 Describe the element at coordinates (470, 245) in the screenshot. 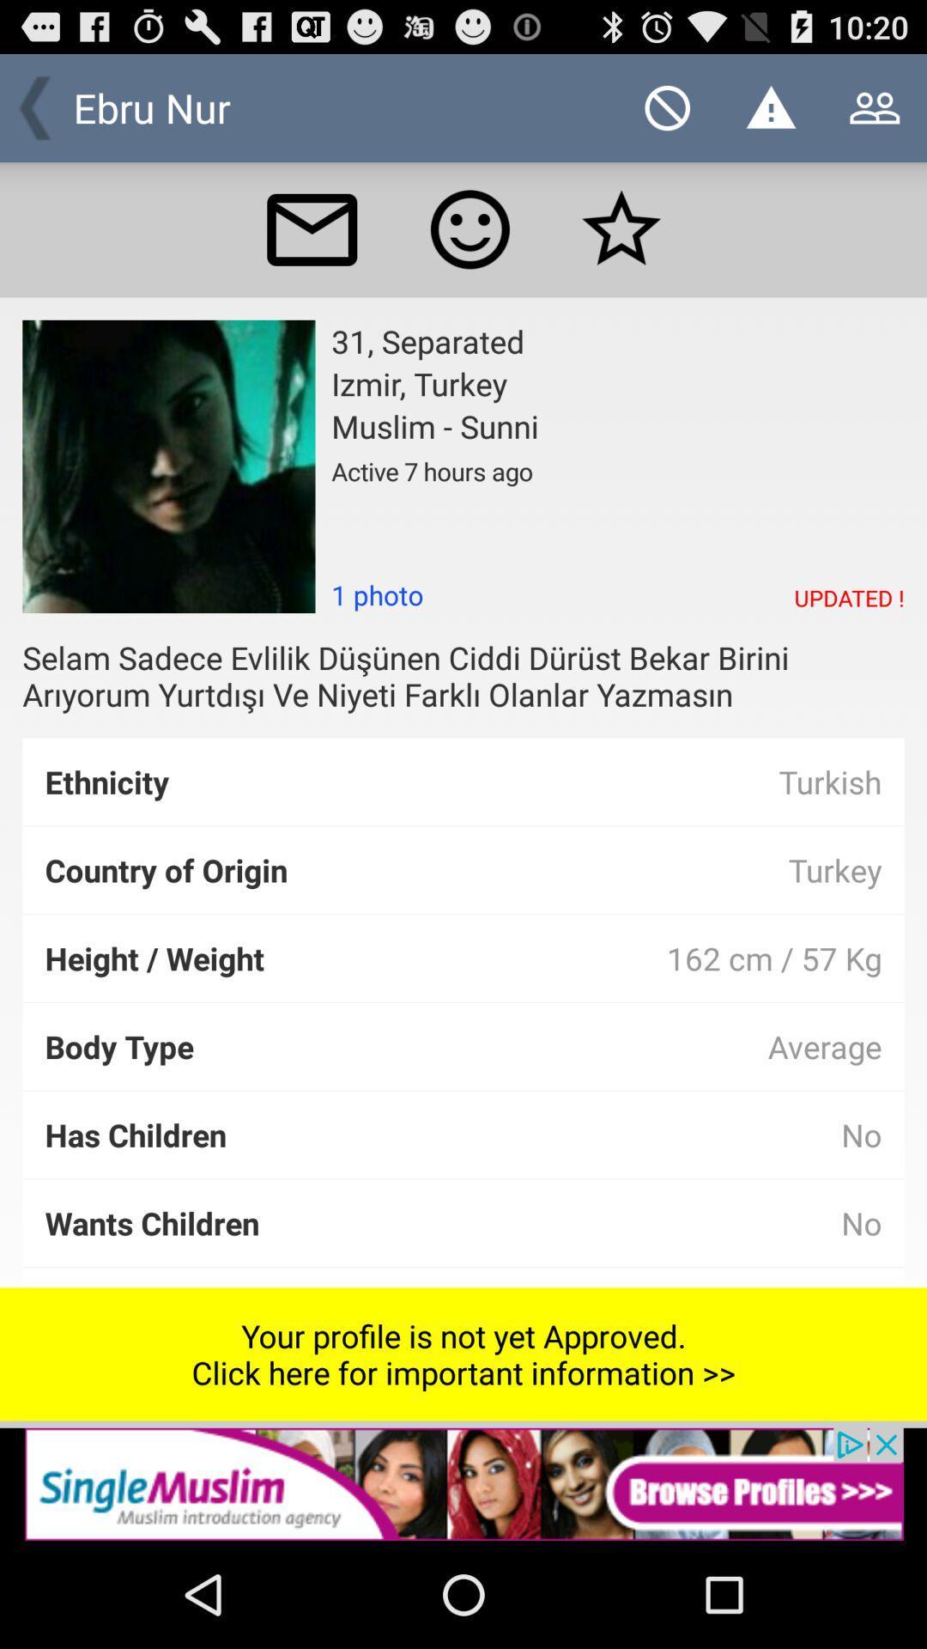

I see `the emoji icon` at that location.